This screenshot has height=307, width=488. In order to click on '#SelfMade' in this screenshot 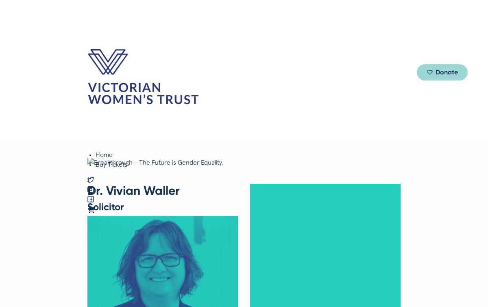, I will do `click(314, 65)`.